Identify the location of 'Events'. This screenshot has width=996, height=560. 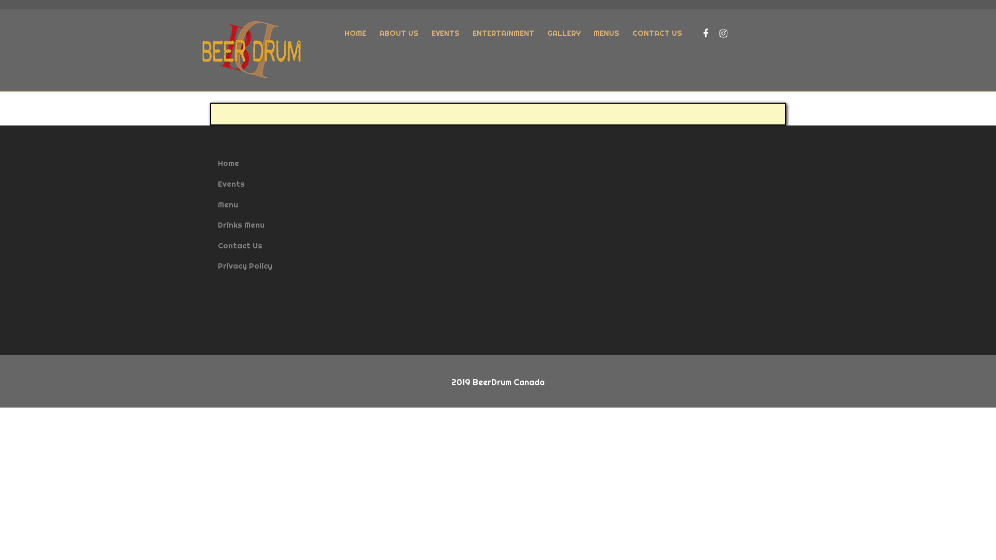
(231, 183).